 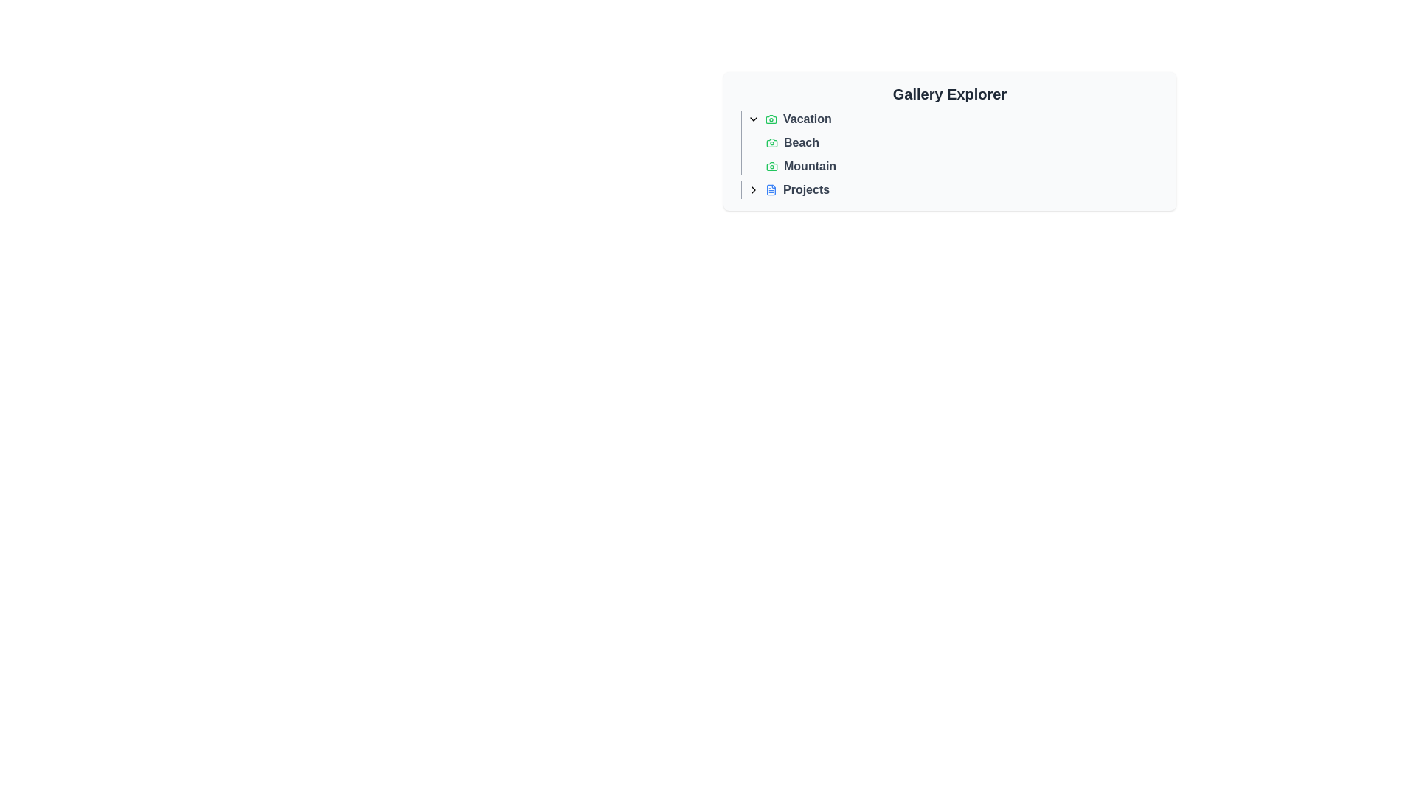 What do you see at coordinates (805, 189) in the screenshot?
I see `the 'Projects' label, which is a bold gray text indicator` at bounding box center [805, 189].